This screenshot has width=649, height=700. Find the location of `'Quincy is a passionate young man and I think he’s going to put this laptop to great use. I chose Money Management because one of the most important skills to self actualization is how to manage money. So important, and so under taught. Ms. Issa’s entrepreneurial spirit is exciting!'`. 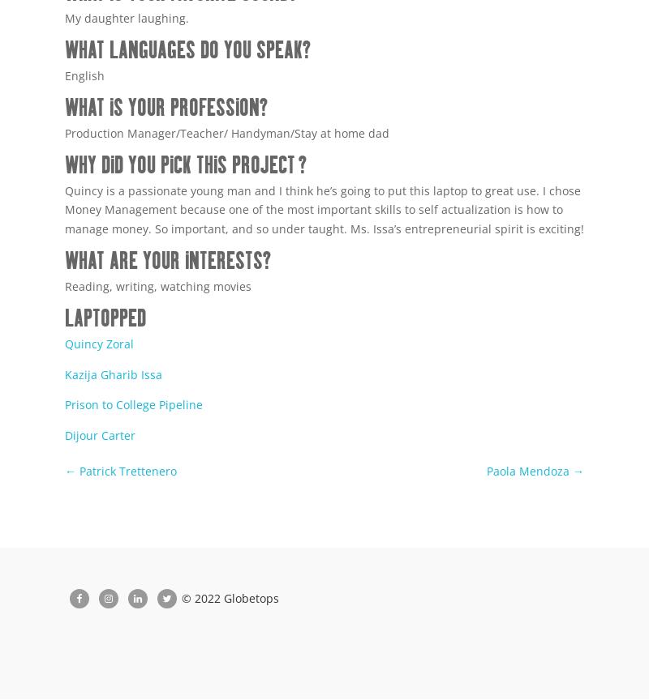

'Quincy is a passionate young man and I think he’s going to put this laptop to great use. I chose Money Management because one of the most important skills to self actualization is how to manage money. So important, and so under taught. Ms. Issa’s entrepreneurial spirit is exciting!' is located at coordinates (324, 209).